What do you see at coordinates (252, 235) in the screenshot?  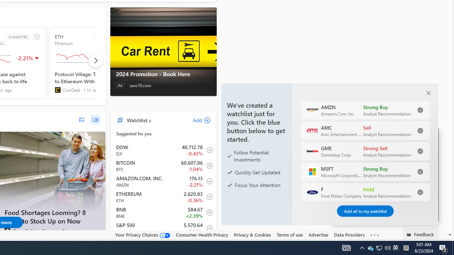 I see `'Privacy & Cookies'` at bounding box center [252, 235].